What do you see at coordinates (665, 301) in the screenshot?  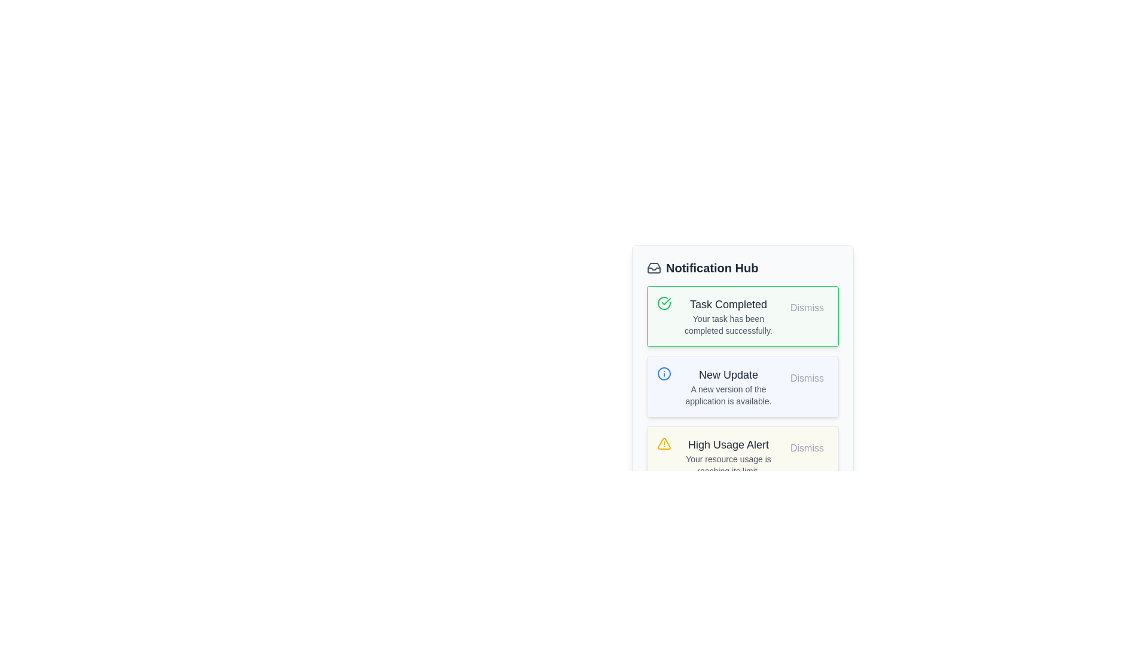 I see `the green checkmark icon representing successful completion, located within the notification item titled 'Task Completed'` at bounding box center [665, 301].